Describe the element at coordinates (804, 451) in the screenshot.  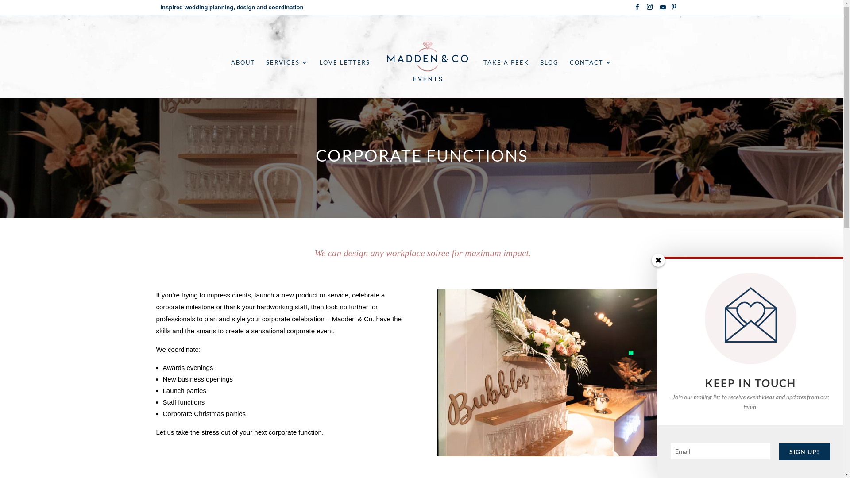
I see `'SIGN UP!'` at that location.